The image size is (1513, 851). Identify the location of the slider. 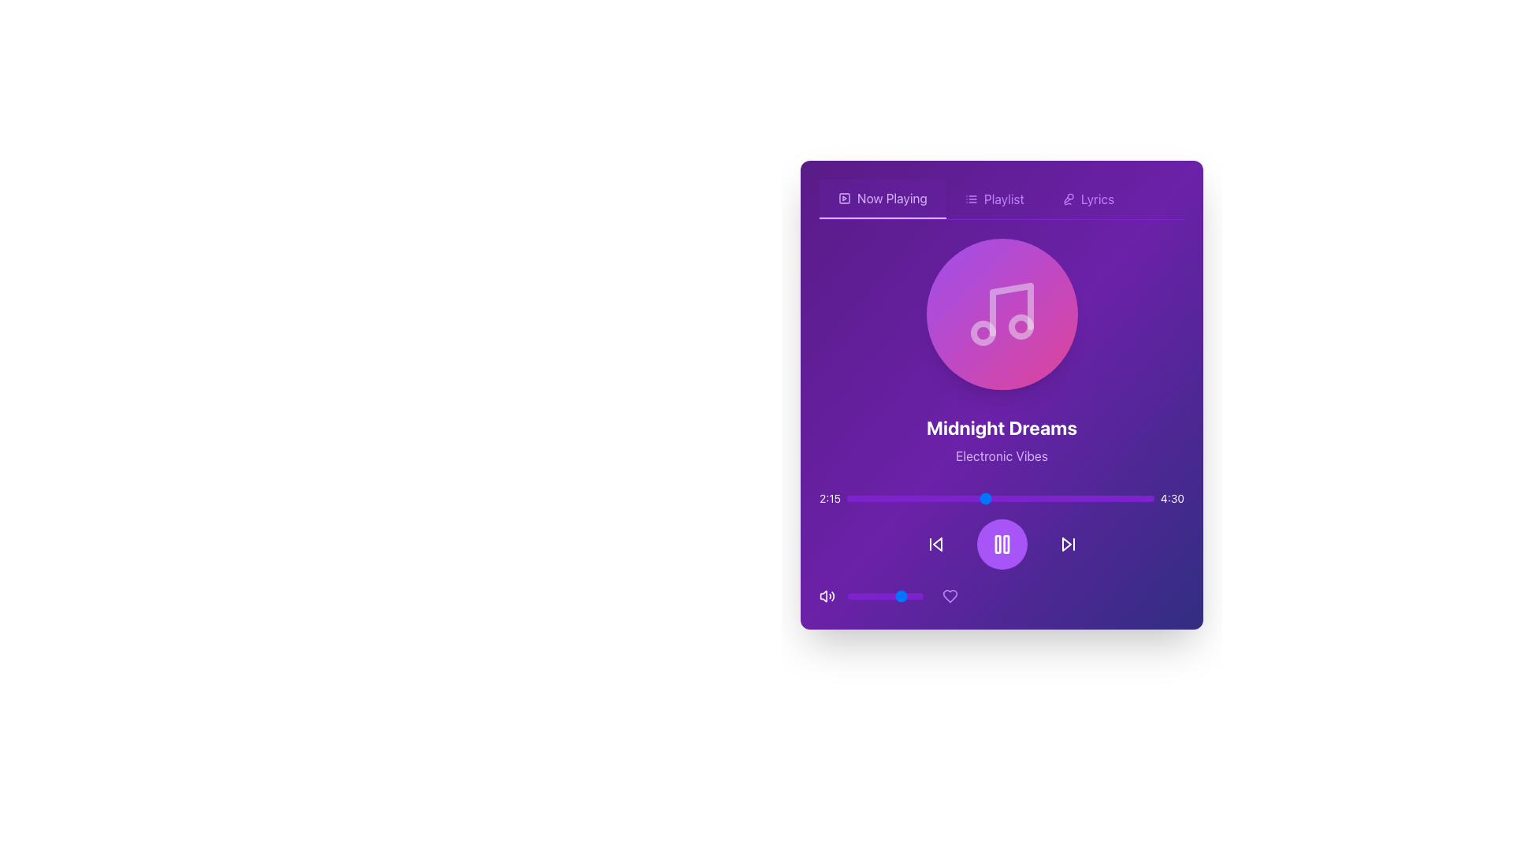
(1071, 498).